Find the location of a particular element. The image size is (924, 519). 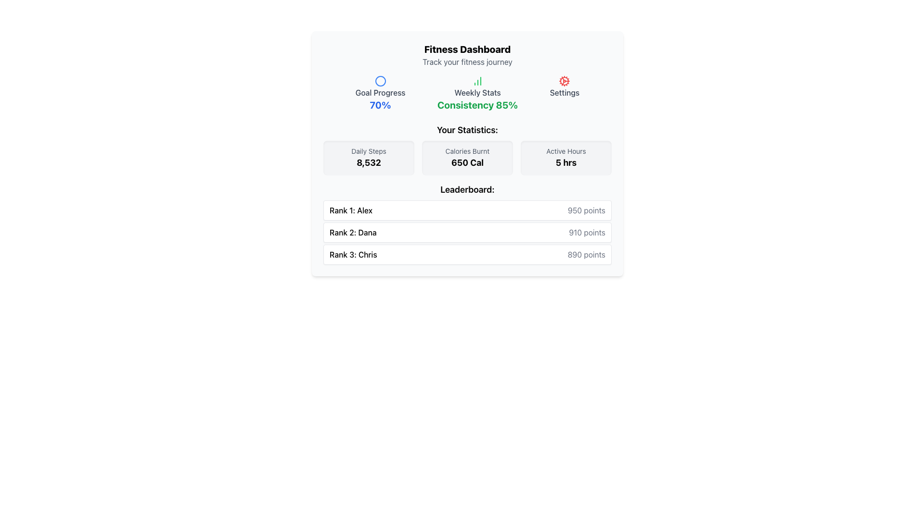

the header text block of the 'Fitness Dashboard' section, which serves as an introductory text for the content that follows is located at coordinates (467, 55).